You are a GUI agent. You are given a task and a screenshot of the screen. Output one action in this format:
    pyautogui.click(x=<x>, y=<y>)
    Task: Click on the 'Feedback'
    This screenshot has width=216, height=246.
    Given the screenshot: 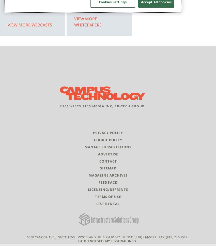 What is the action you would take?
    pyautogui.click(x=108, y=182)
    